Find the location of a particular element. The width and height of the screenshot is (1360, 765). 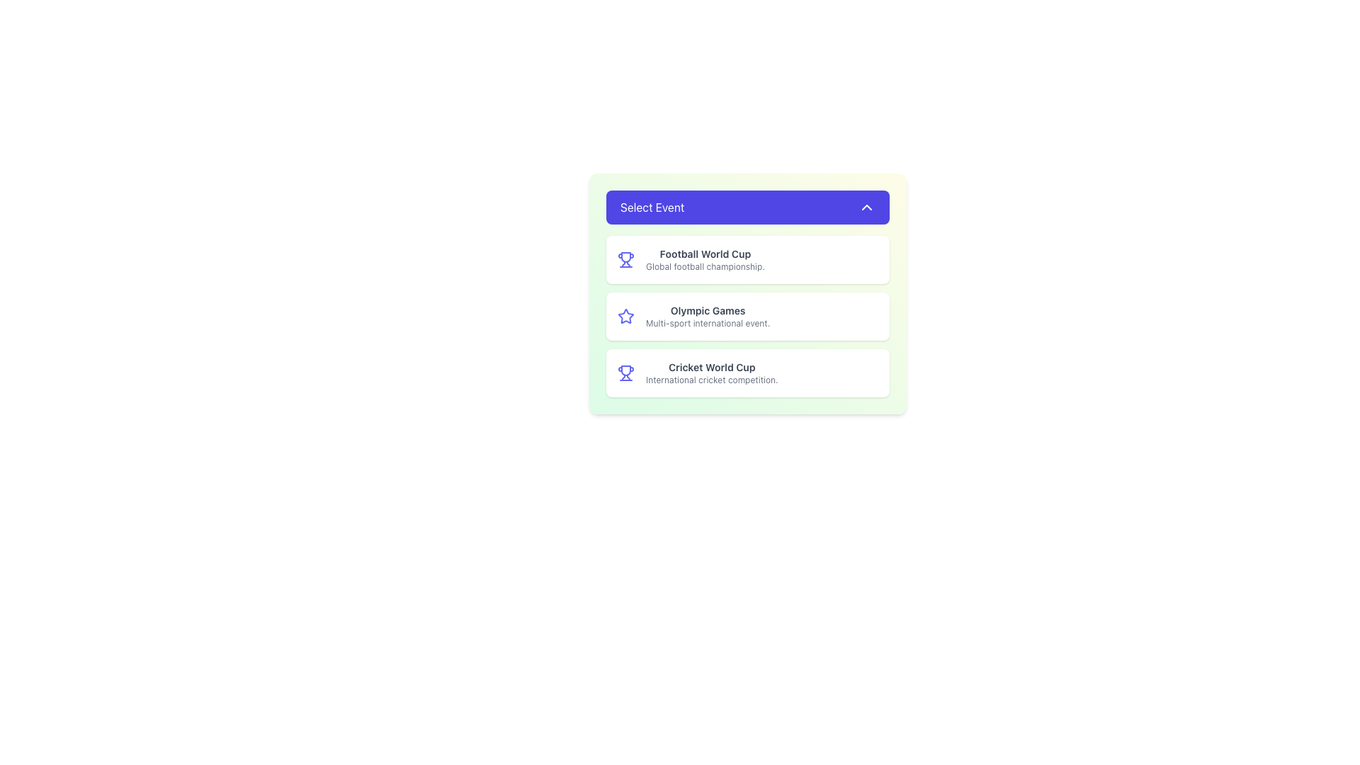

the trophy icon representing the Cricket World Cup item, located on the left side of the third list item is located at coordinates (625, 373).